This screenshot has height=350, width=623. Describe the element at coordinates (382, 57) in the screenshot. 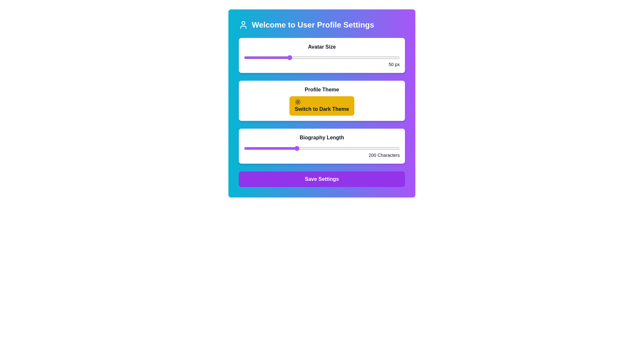

I see `avatar size` at that location.